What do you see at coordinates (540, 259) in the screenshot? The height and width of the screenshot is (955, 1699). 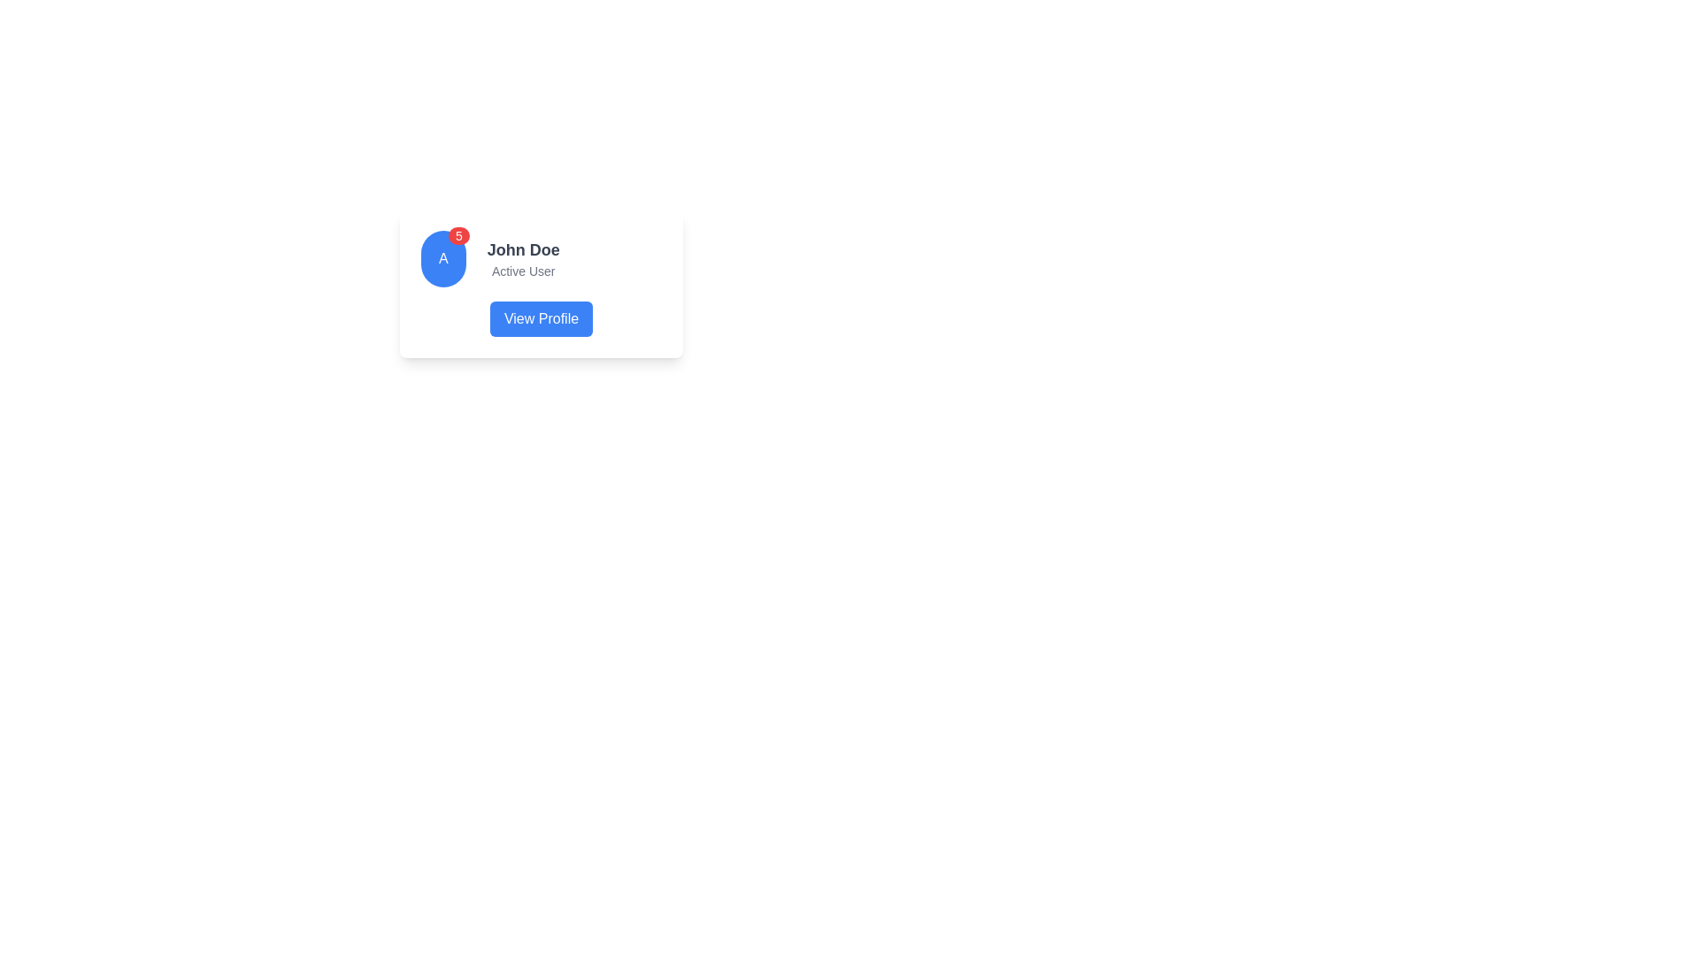 I see `the User Profile Component displaying 'John Doe' and 'Active User'` at bounding box center [540, 259].